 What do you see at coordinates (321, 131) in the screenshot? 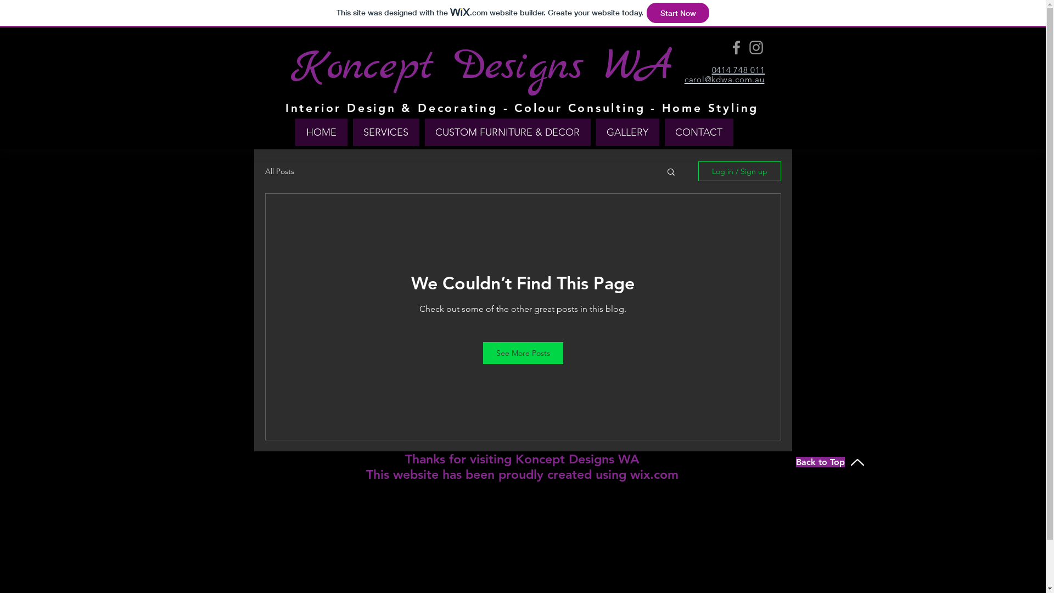
I see `'HOME'` at bounding box center [321, 131].